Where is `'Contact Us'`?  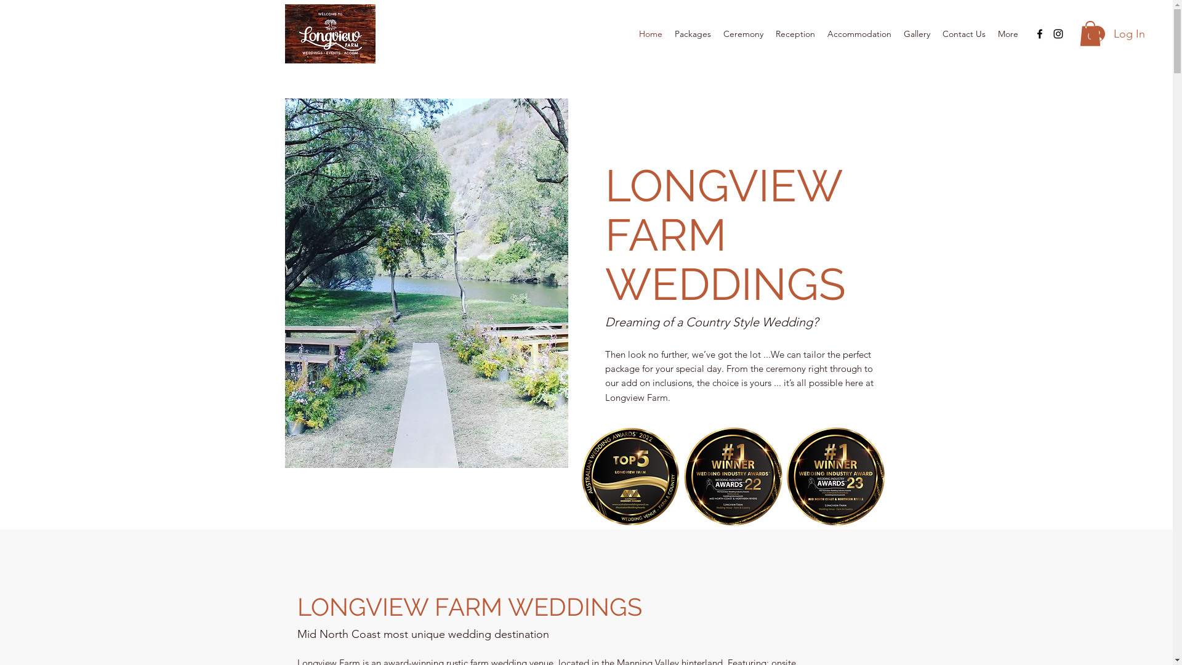
'Contact Us' is located at coordinates (963, 33).